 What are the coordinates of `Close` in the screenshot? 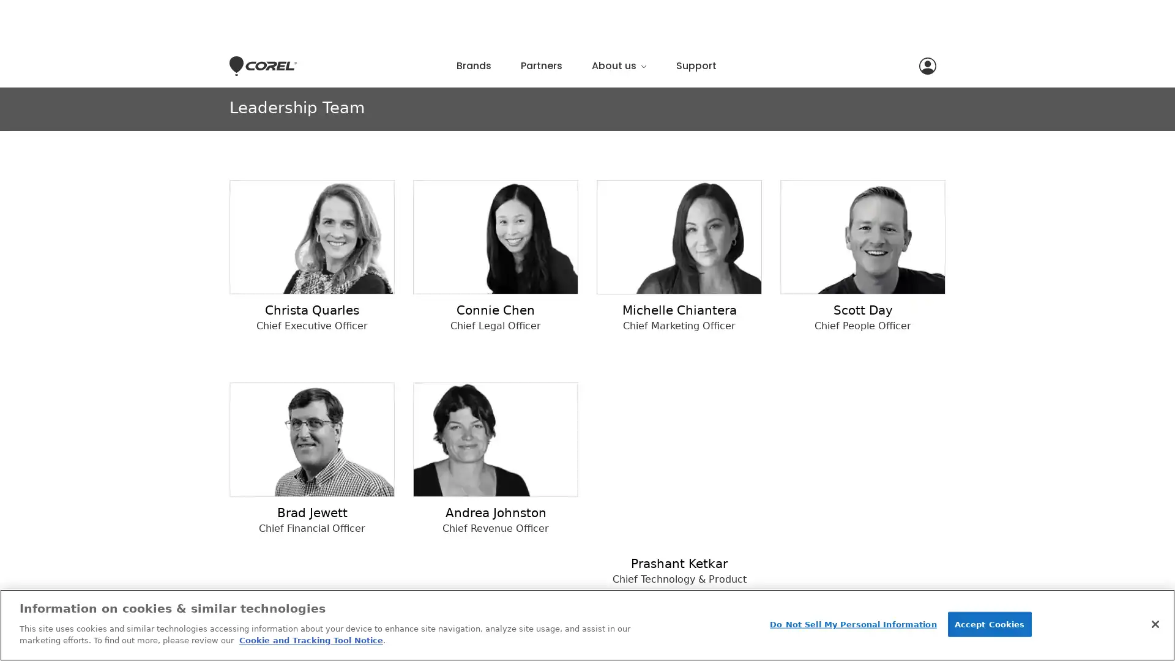 It's located at (740, 16).